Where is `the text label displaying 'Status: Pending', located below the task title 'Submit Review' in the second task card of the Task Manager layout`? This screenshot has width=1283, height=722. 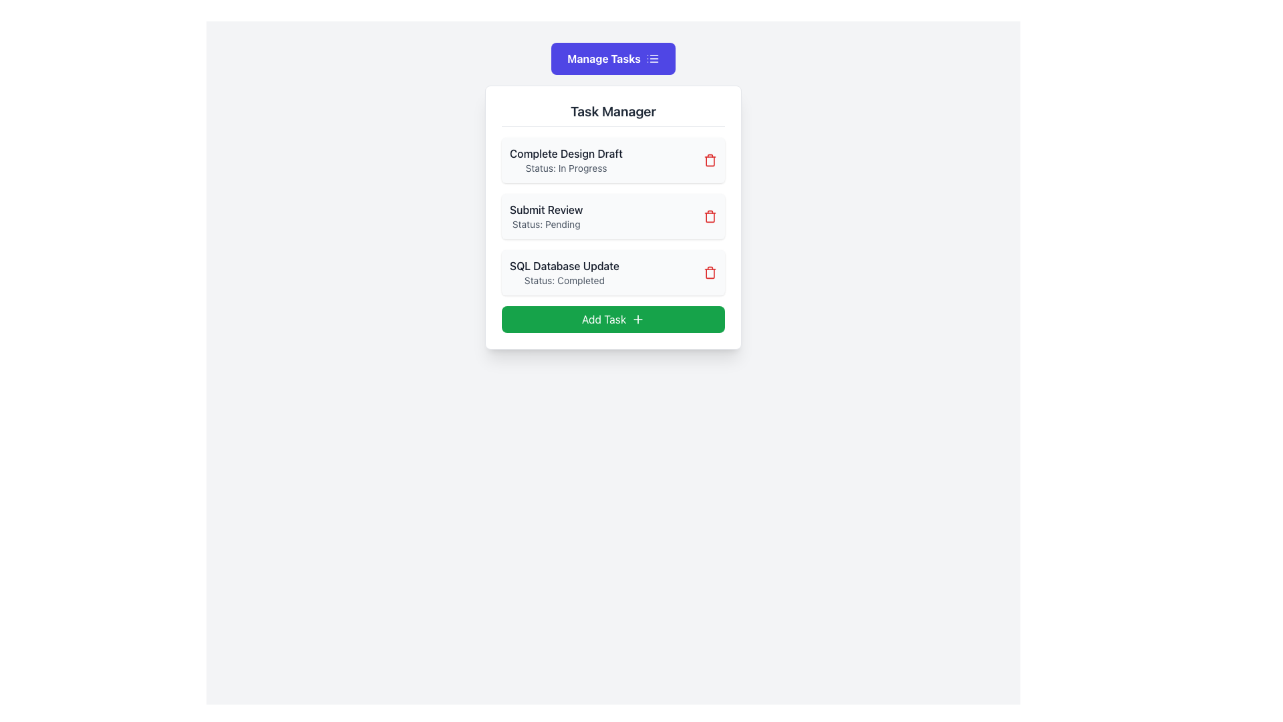 the text label displaying 'Status: Pending', located below the task title 'Submit Review' in the second task card of the Task Manager layout is located at coordinates (546, 223).